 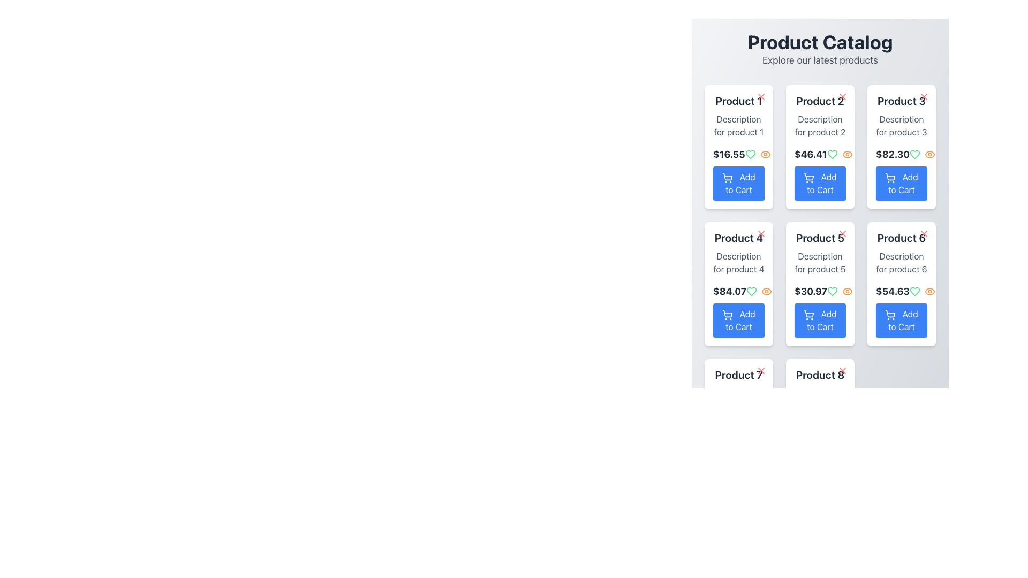 I want to click on the Header section displaying the headline 'Product Catalog' and tagline 'Explore our latest products', located at the top center of the interface, so click(x=819, y=49).